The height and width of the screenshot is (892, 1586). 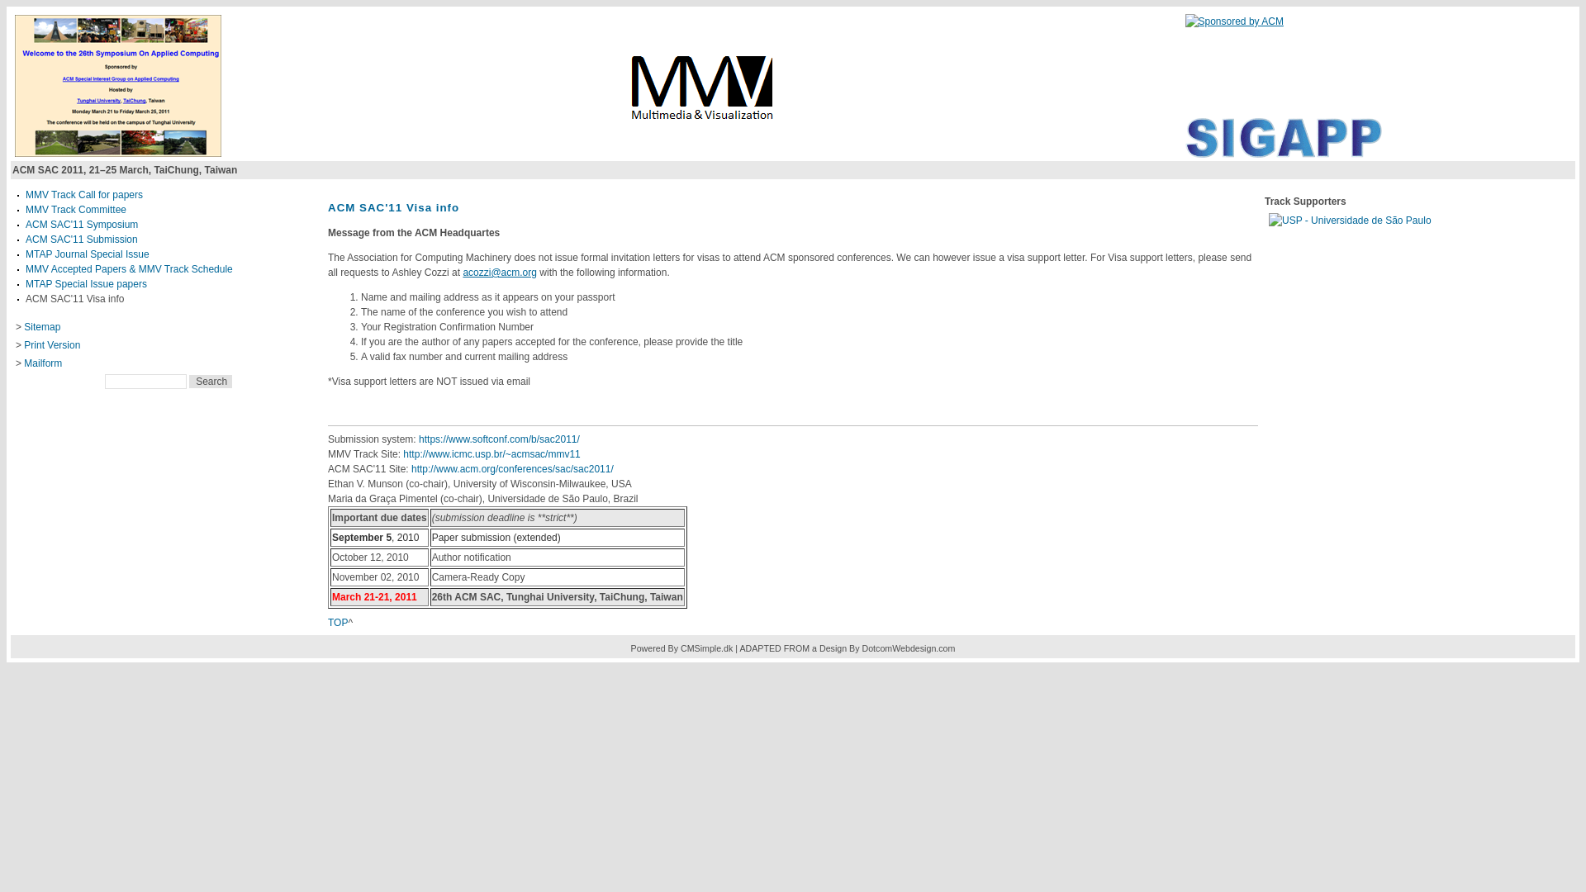 I want to click on 'MMV Track Call for papers', so click(x=83, y=193).